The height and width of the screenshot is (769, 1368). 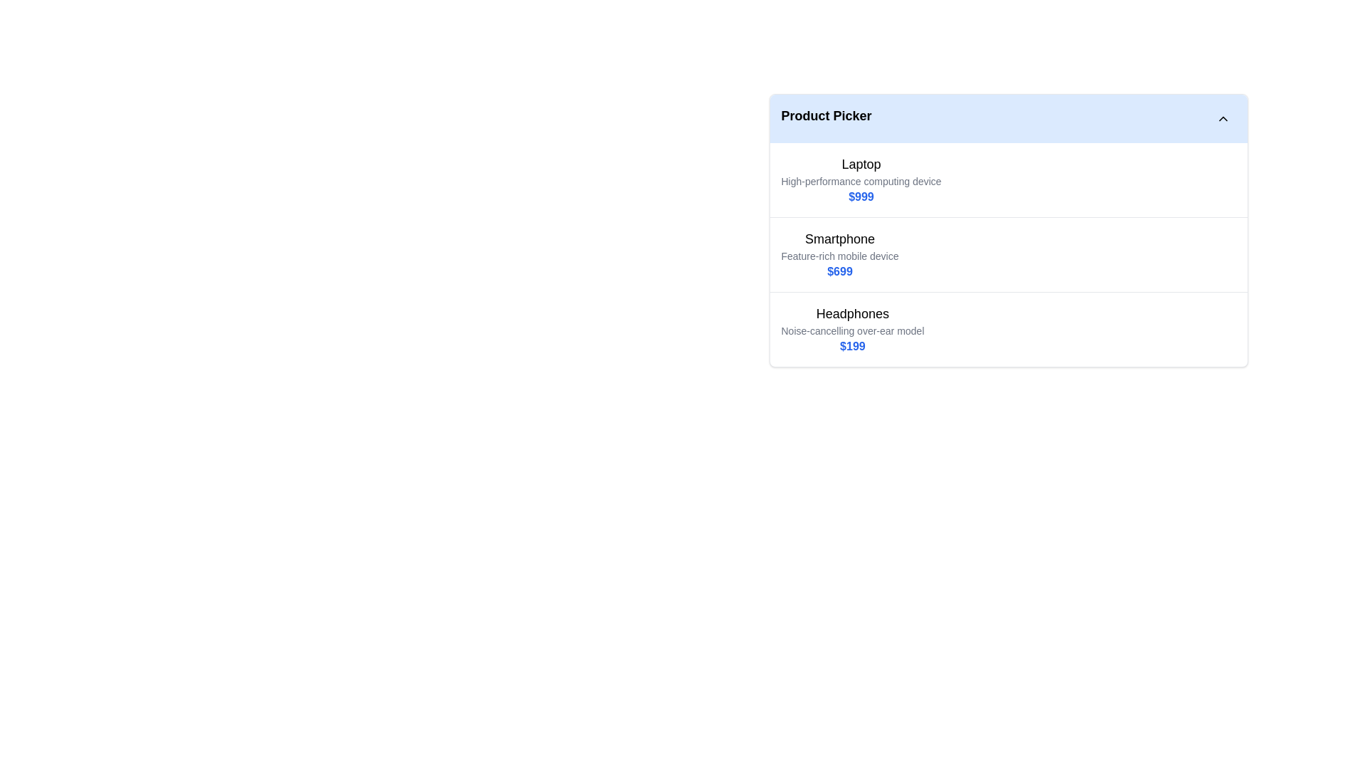 What do you see at coordinates (852, 346) in the screenshot?
I see `the text label displaying the price '$199' in bold blue font within the 'Product Picker' interface under the 'Headphones' section` at bounding box center [852, 346].